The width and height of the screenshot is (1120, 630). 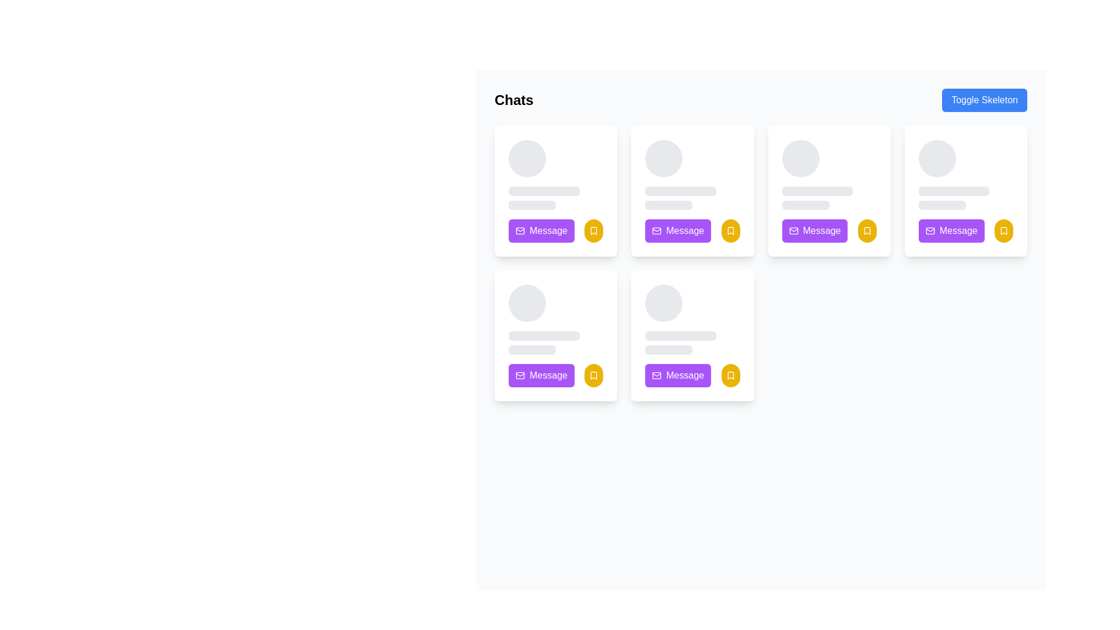 I want to click on the first card in the grid layout, so click(x=555, y=190).